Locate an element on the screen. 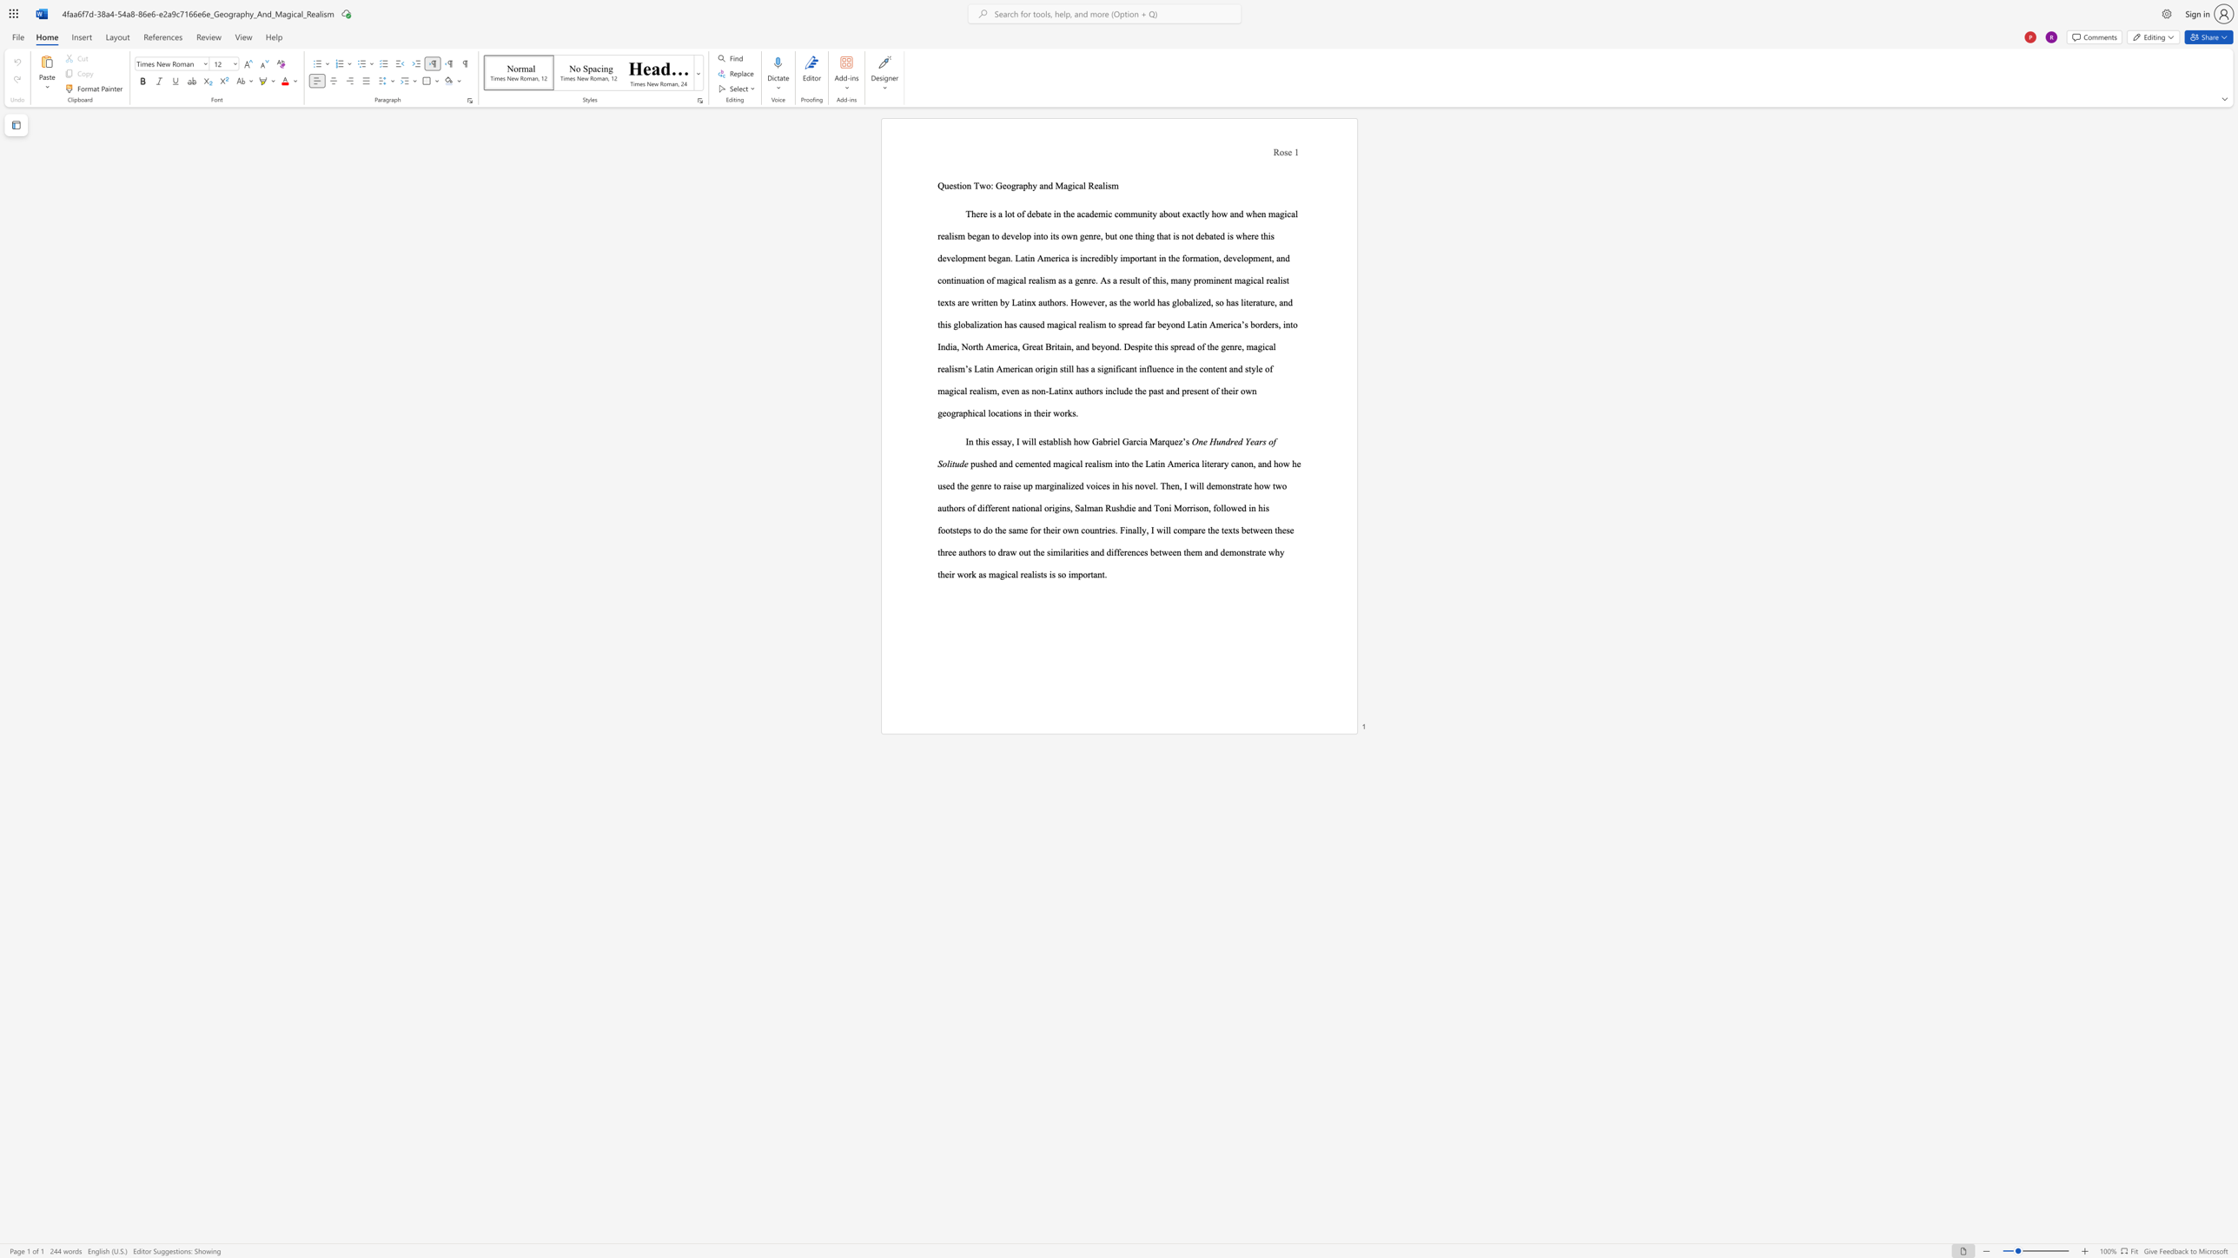  the subset text "stion Two: Geograp" within the text "Question Two: Geography and Magical Realism" is located at coordinates (952, 186).